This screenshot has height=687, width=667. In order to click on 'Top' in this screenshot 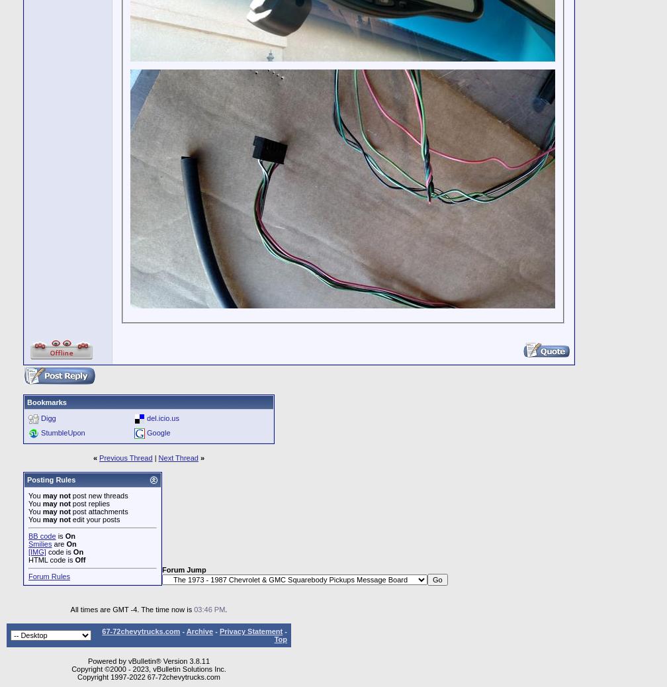, I will do `click(280, 639)`.